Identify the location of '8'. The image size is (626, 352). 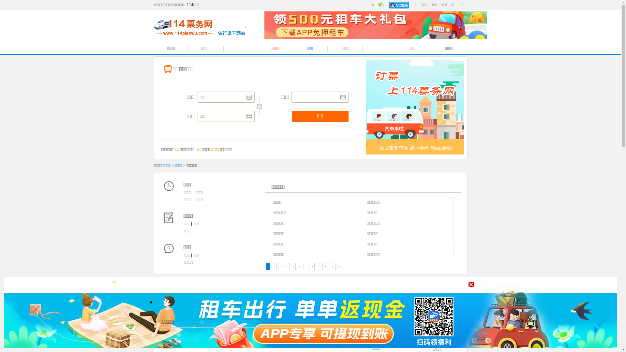
(312, 266).